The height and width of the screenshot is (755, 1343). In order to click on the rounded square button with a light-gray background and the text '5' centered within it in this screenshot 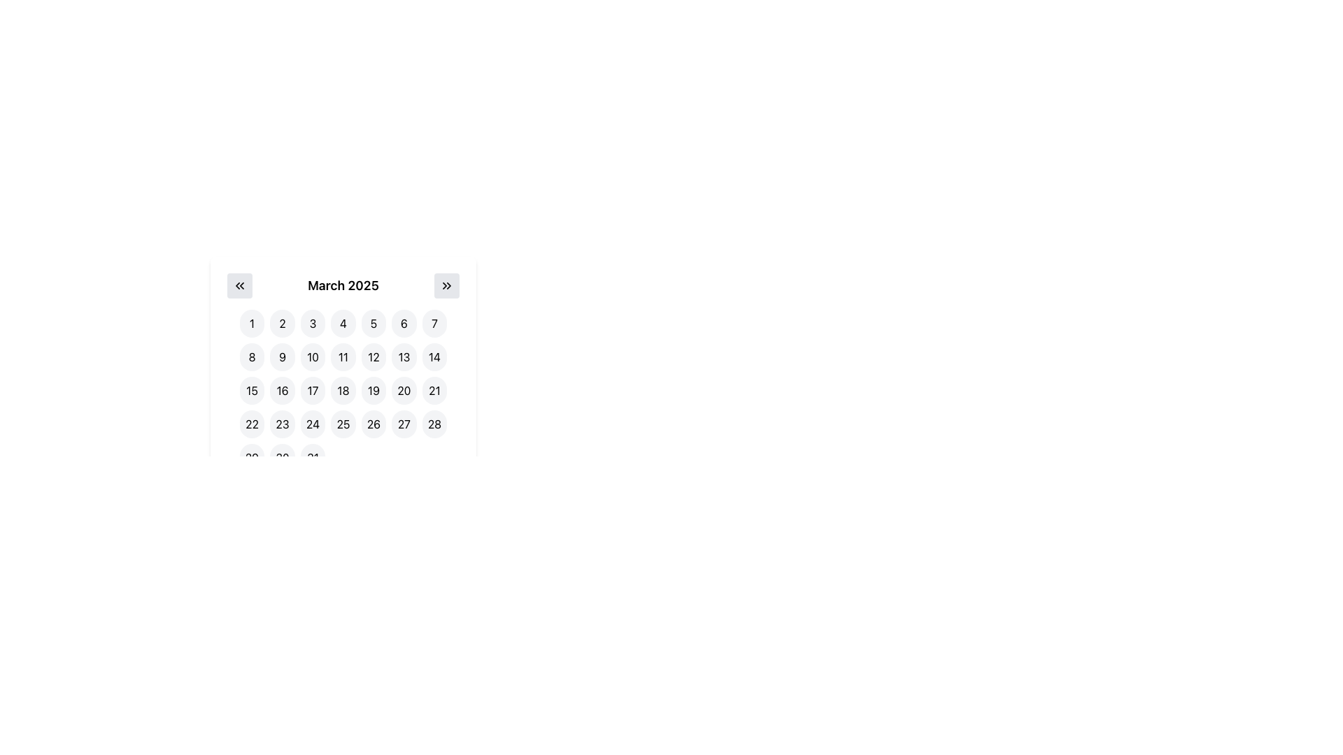, I will do `click(374, 323)`.